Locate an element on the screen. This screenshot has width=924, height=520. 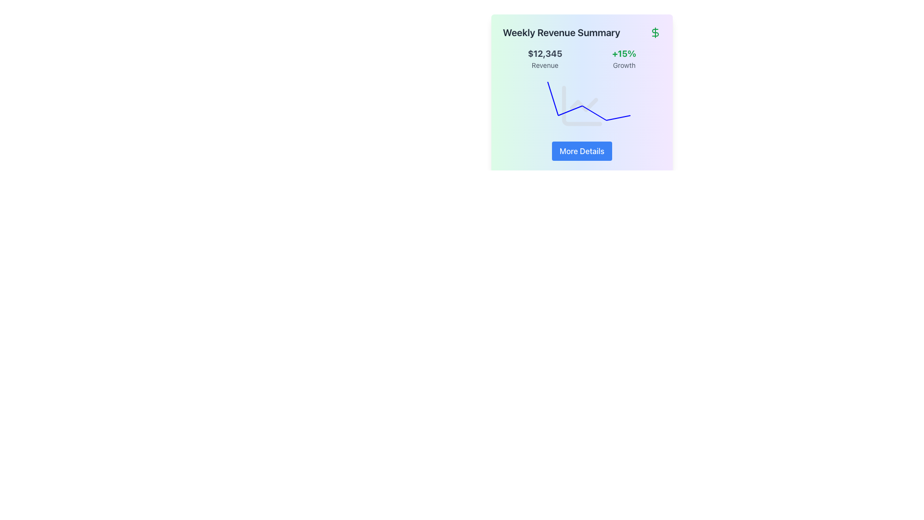
the Text Display element that shows a growth percentage of '+15%' in green text, followed by 'Growth' in smaller gray text, which is positioned to the right of the '$12,345 Revenue' text block is located at coordinates (624, 59).